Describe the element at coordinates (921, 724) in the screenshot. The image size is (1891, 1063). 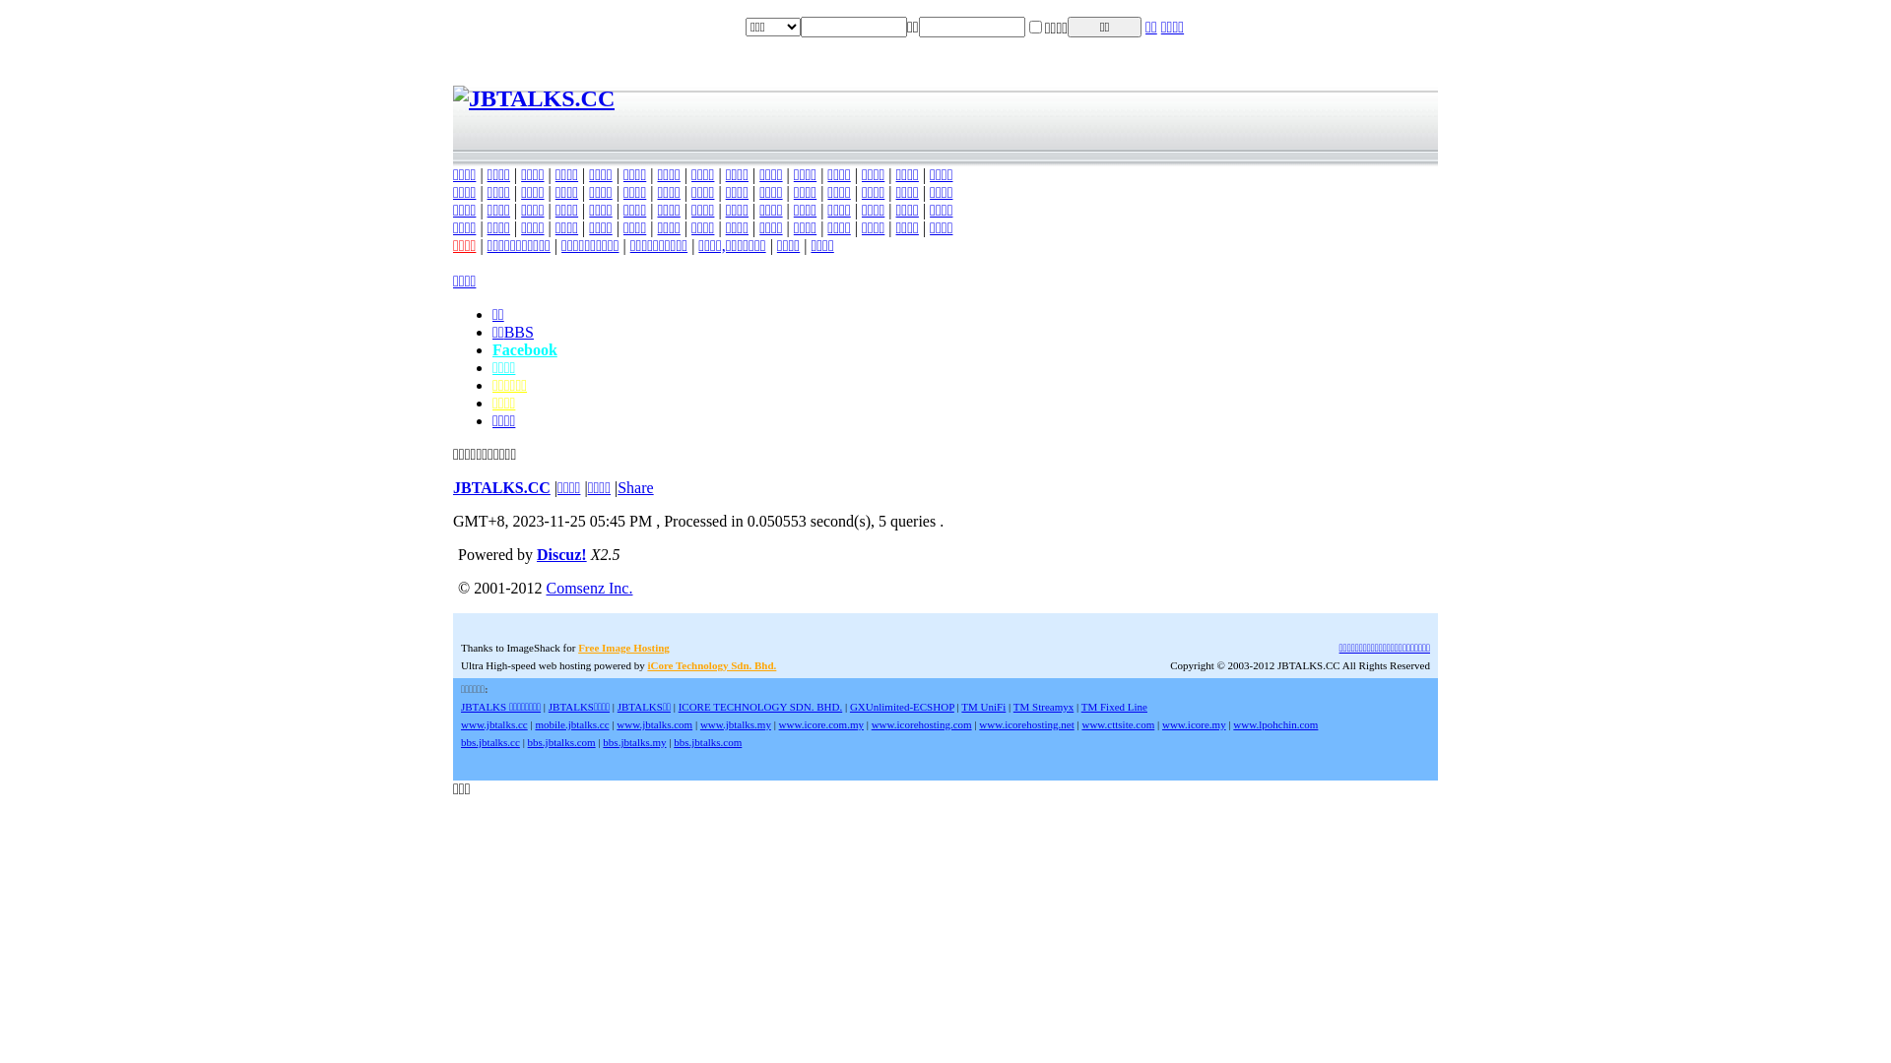
I see `'www.icorehosting.com'` at that location.